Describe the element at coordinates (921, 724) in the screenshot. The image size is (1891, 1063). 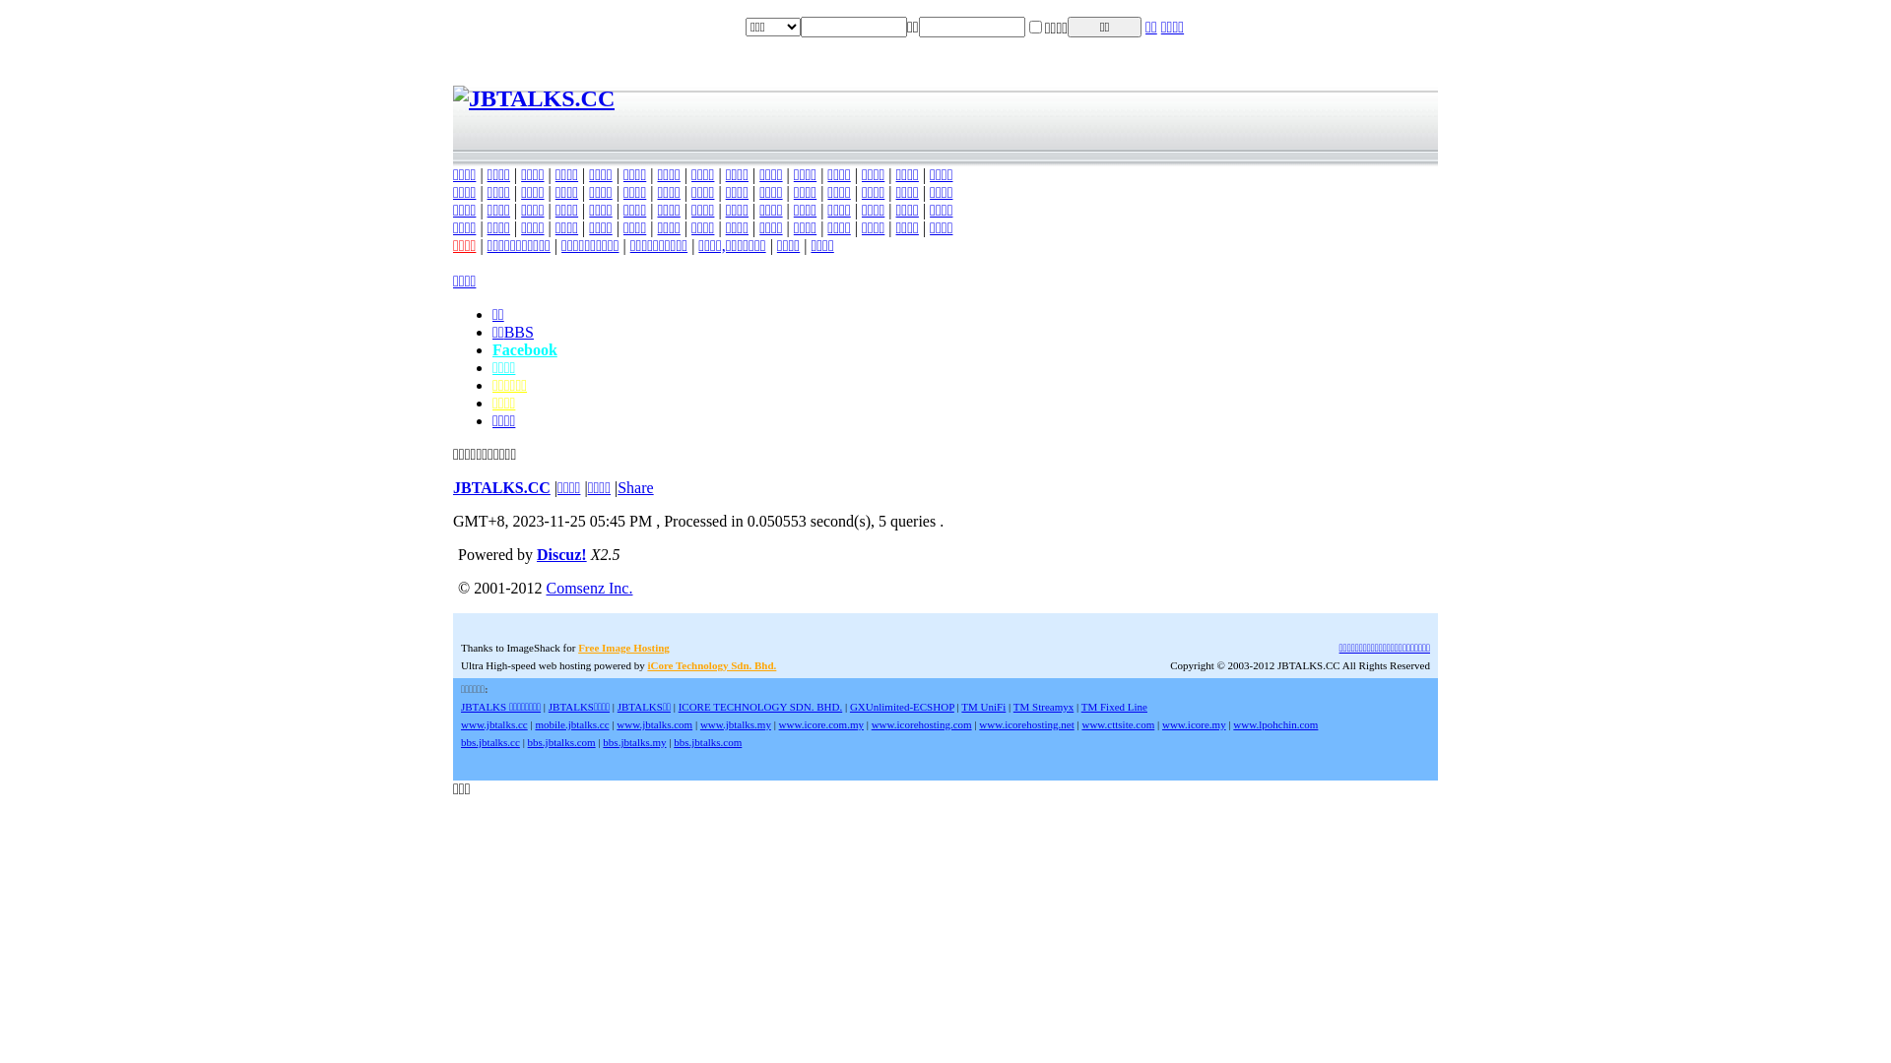
I see `'www.icorehosting.com'` at that location.